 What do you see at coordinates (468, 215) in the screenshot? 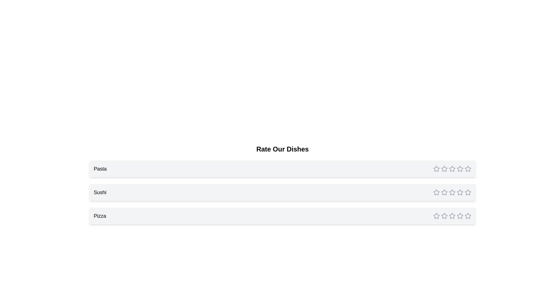
I see `the fifth rating star icon` at bounding box center [468, 215].